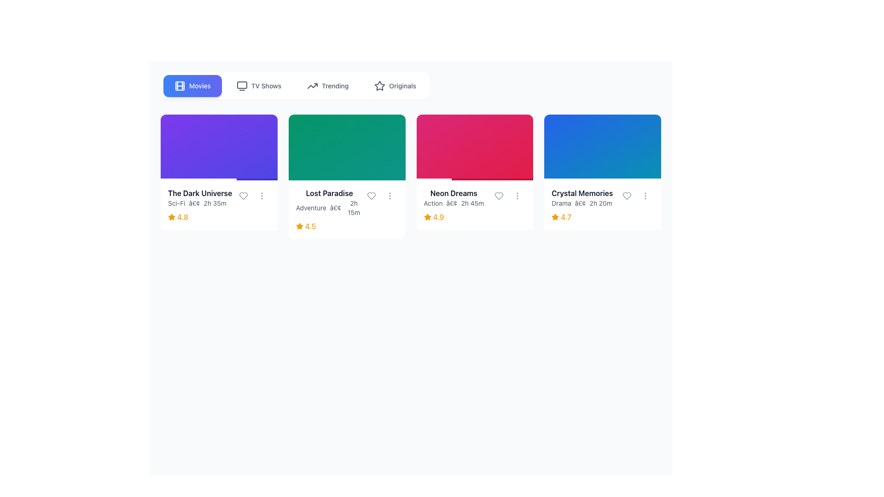  Describe the element at coordinates (390, 195) in the screenshot. I see `the circular button with a vertical ellipsis icon located in the top-right corner of the 'Lost Paradise' card` at that location.